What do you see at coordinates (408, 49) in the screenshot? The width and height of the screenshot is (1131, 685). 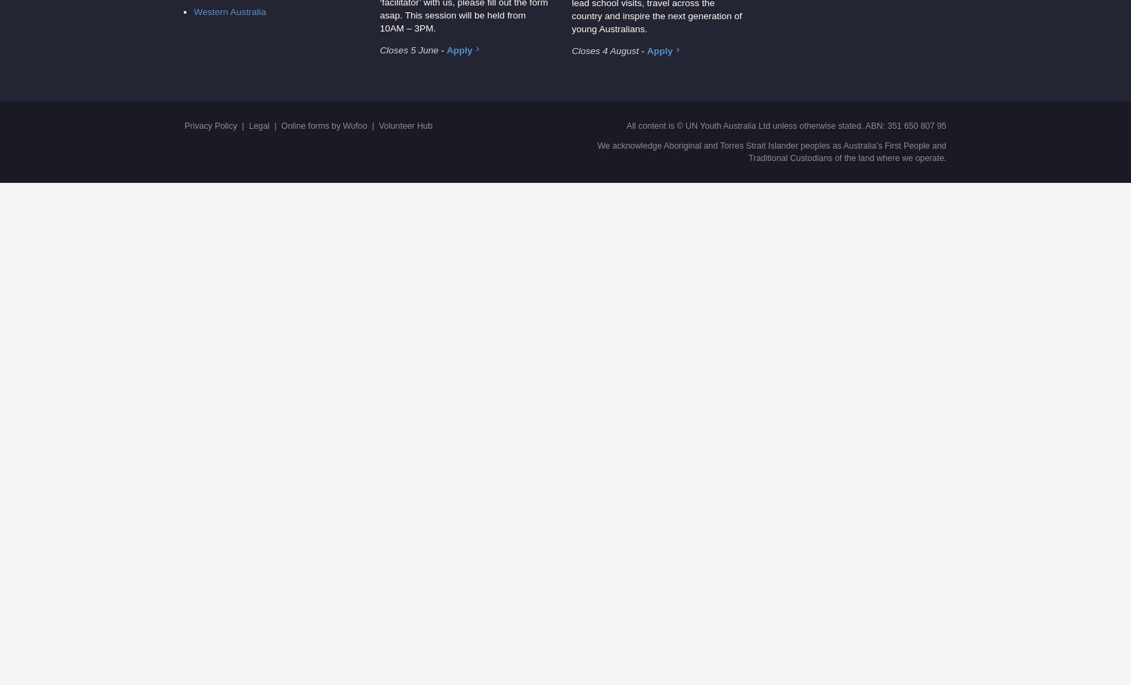 I see `'Closes 5 June'` at bounding box center [408, 49].